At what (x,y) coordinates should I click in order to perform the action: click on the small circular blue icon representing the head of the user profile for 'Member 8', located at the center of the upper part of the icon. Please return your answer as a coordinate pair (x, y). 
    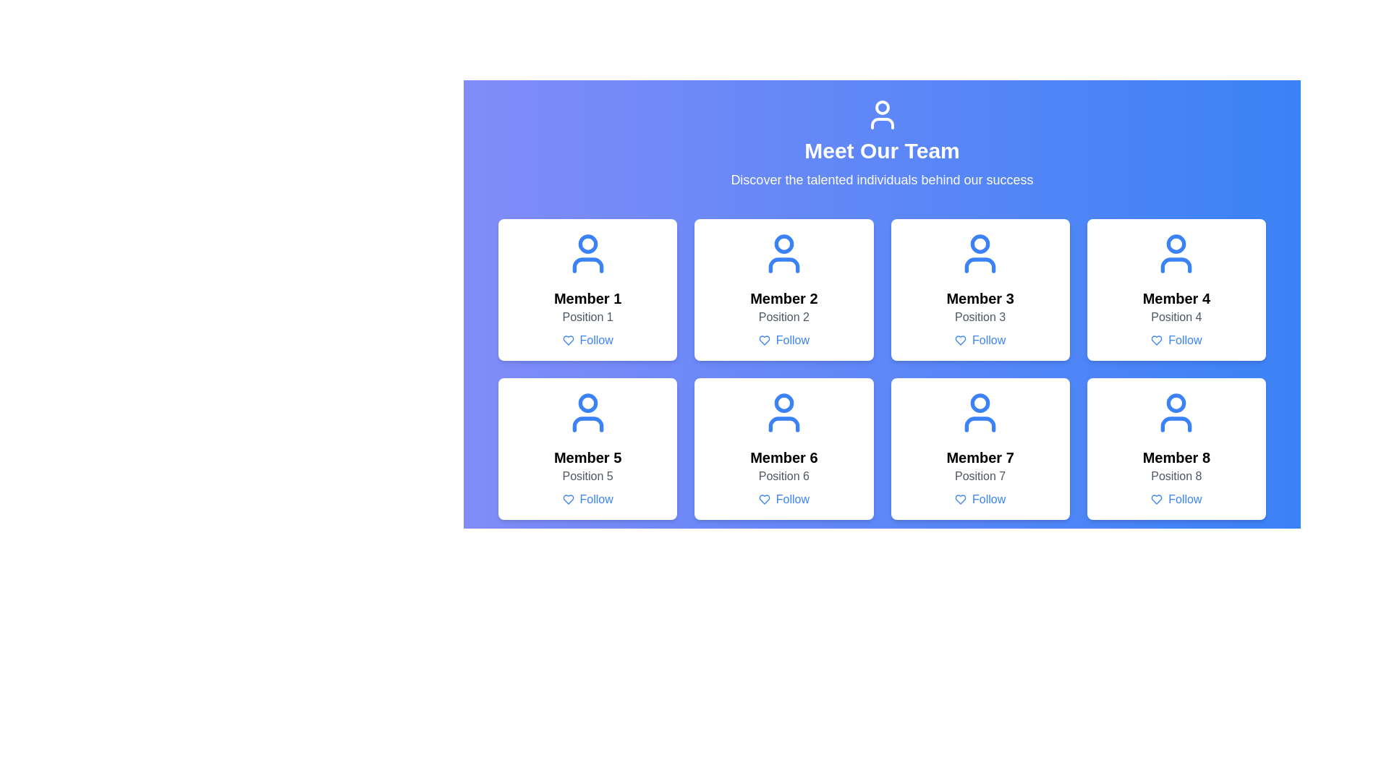
    Looking at the image, I should click on (1176, 403).